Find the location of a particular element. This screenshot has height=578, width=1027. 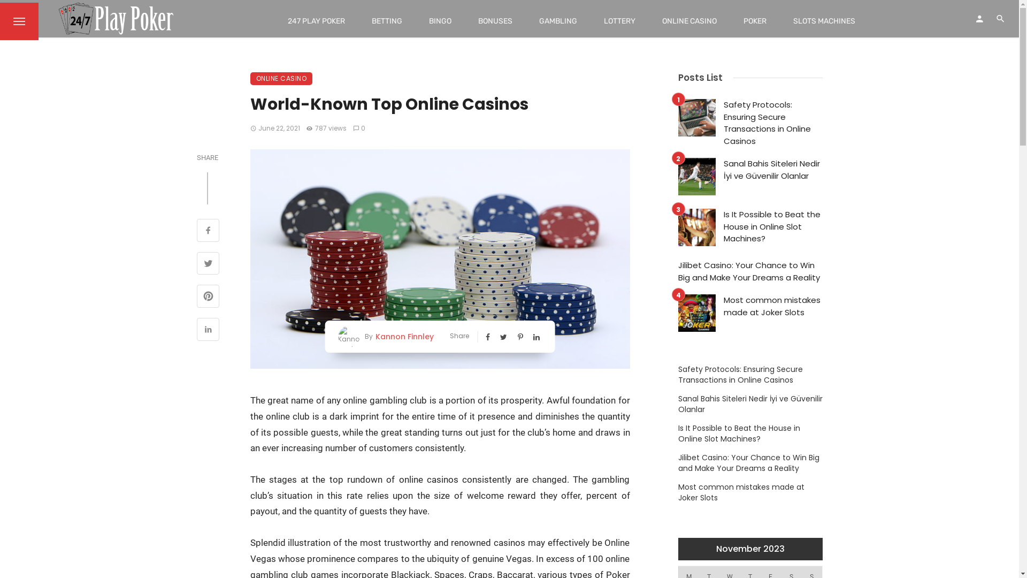

'Share on Pinterest' is located at coordinates (197, 297).